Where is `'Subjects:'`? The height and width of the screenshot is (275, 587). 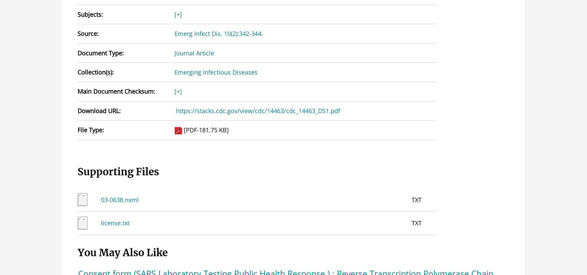 'Subjects:' is located at coordinates (90, 14).